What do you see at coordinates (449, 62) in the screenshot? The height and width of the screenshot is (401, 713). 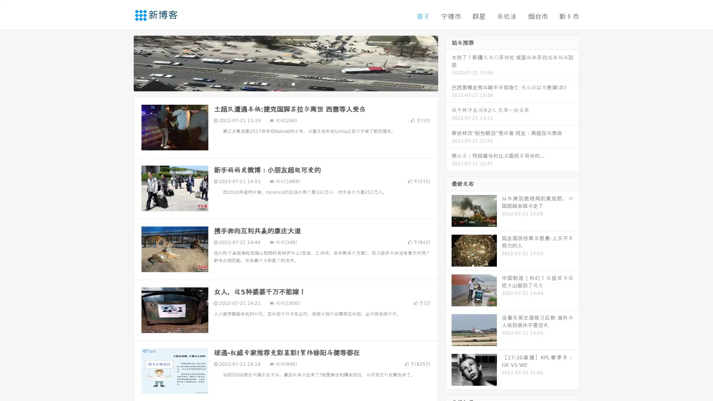 I see `Next slide` at bounding box center [449, 62].